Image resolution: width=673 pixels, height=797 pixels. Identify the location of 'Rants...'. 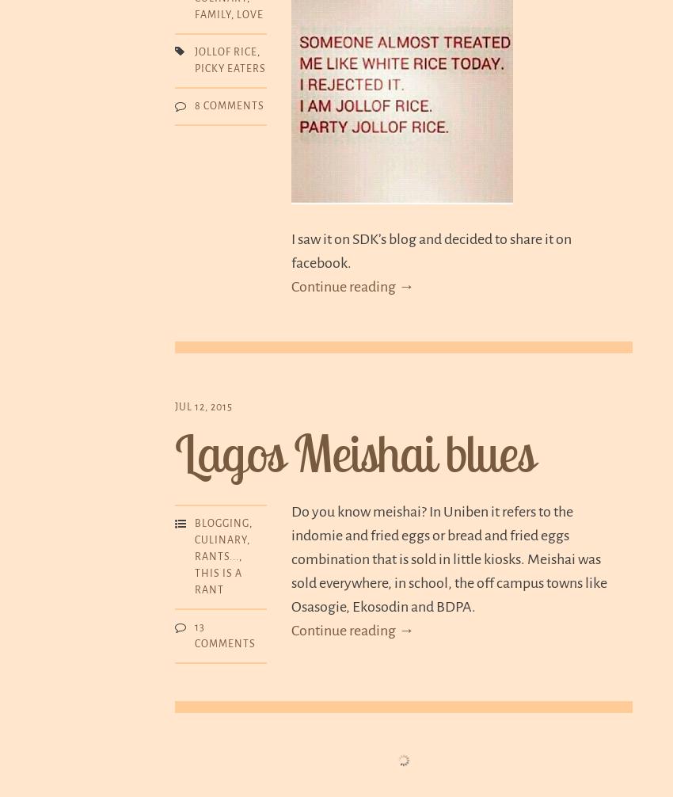
(216, 556).